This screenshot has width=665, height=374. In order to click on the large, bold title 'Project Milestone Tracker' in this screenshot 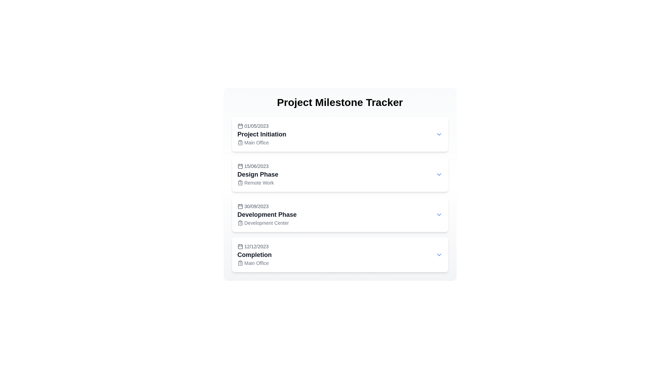, I will do `click(340, 103)`.